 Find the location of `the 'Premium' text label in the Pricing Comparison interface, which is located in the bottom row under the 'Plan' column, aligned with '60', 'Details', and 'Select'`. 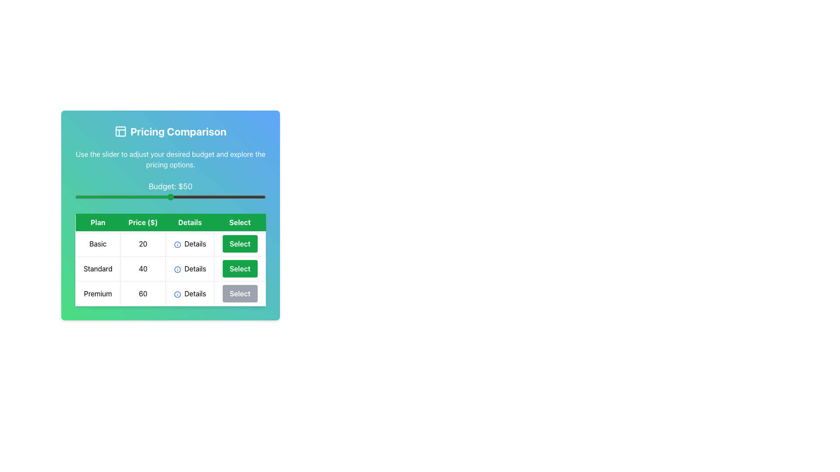

the 'Premium' text label in the Pricing Comparison interface, which is located in the bottom row under the 'Plan' column, aligned with '60', 'Details', and 'Select' is located at coordinates (98, 293).